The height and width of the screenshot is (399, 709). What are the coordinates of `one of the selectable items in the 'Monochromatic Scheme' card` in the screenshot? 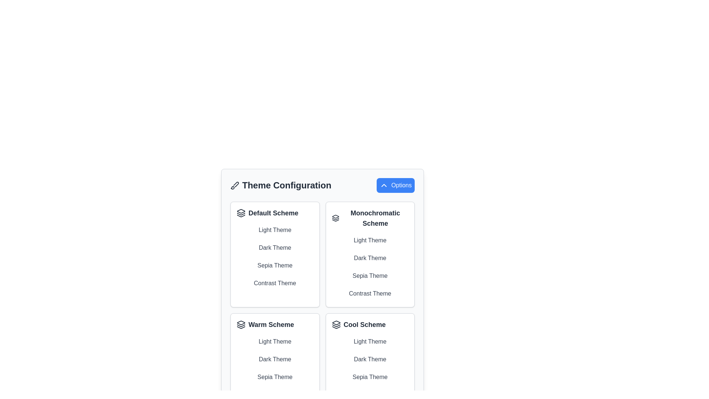 It's located at (370, 267).